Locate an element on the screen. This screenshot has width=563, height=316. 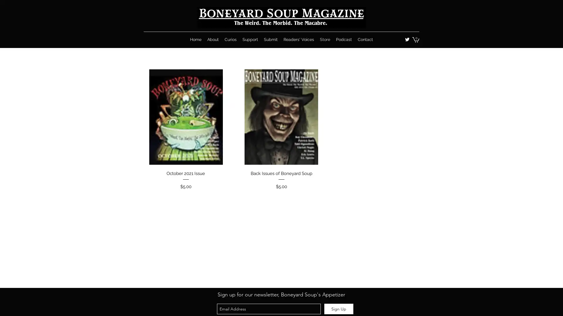
Quick View is located at coordinates (185, 171).